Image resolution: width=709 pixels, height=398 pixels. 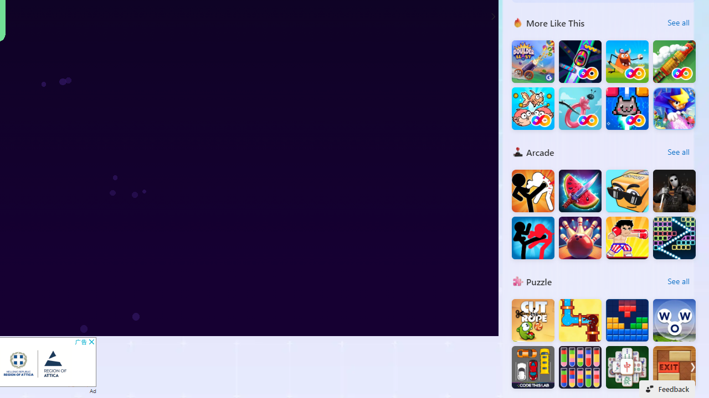 What do you see at coordinates (579, 367) in the screenshot?
I see `'Water Sort Quest : Mission'` at bounding box center [579, 367].